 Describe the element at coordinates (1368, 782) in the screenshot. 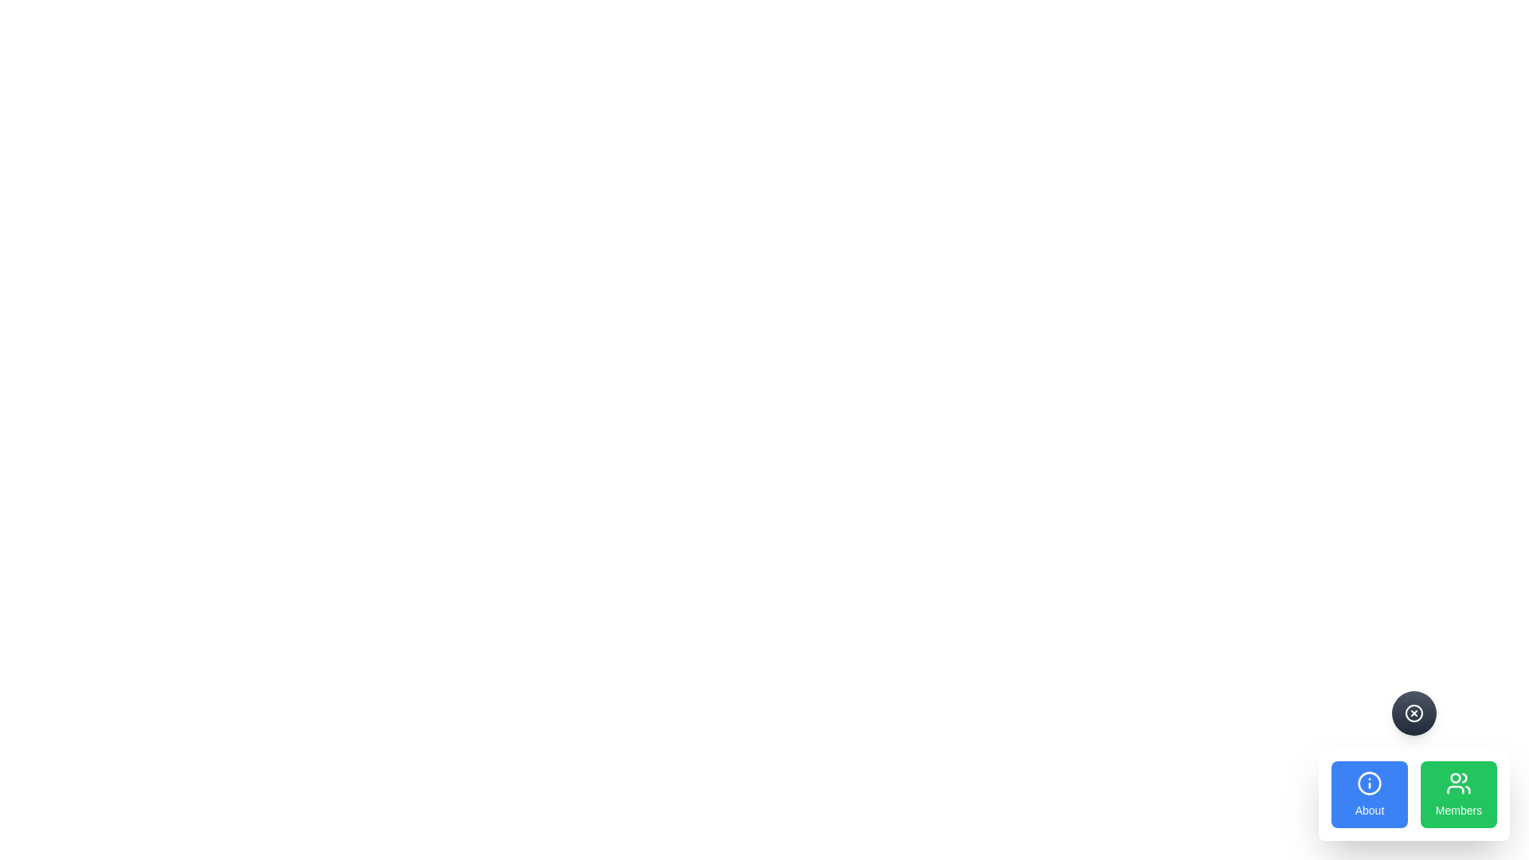

I see `the information icon located within the 'About' button, which is situated to the left of the 'Members' button` at that location.